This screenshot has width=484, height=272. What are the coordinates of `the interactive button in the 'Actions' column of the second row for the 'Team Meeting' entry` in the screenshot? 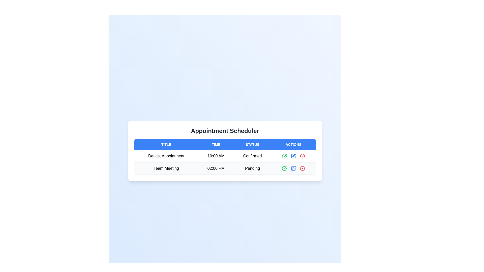 It's located at (293, 168).